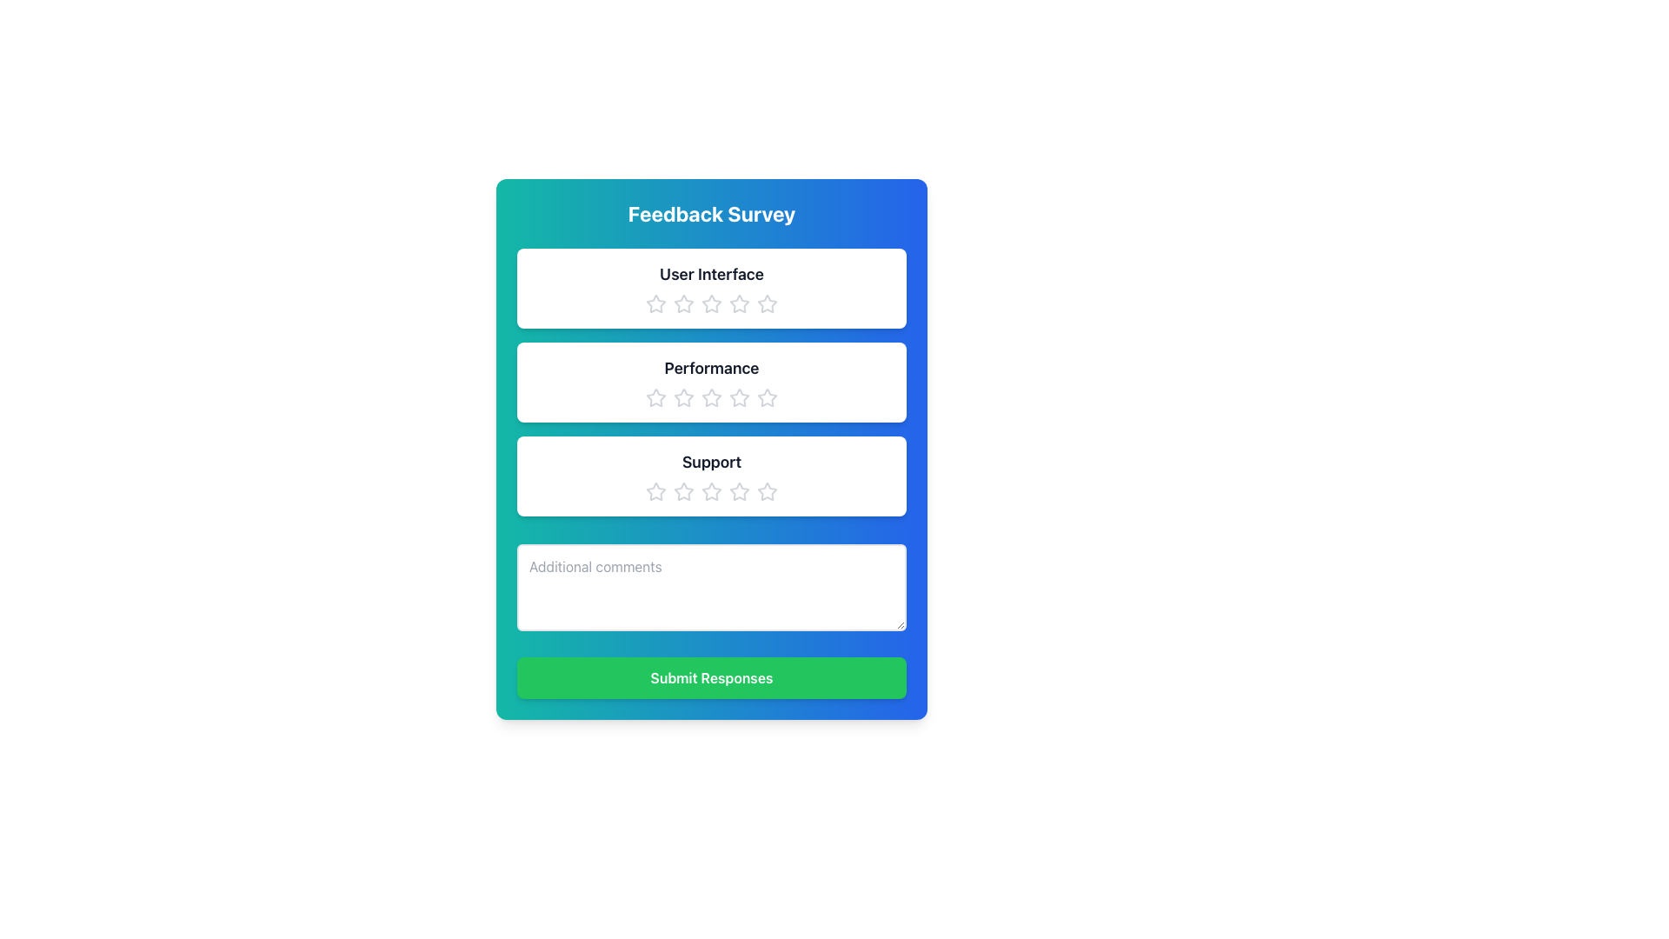 This screenshot has width=1669, height=939. What do you see at coordinates (655, 491) in the screenshot?
I see `the first hollow star-shaped SVG icon in the 'Support' rating section` at bounding box center [655, 491].